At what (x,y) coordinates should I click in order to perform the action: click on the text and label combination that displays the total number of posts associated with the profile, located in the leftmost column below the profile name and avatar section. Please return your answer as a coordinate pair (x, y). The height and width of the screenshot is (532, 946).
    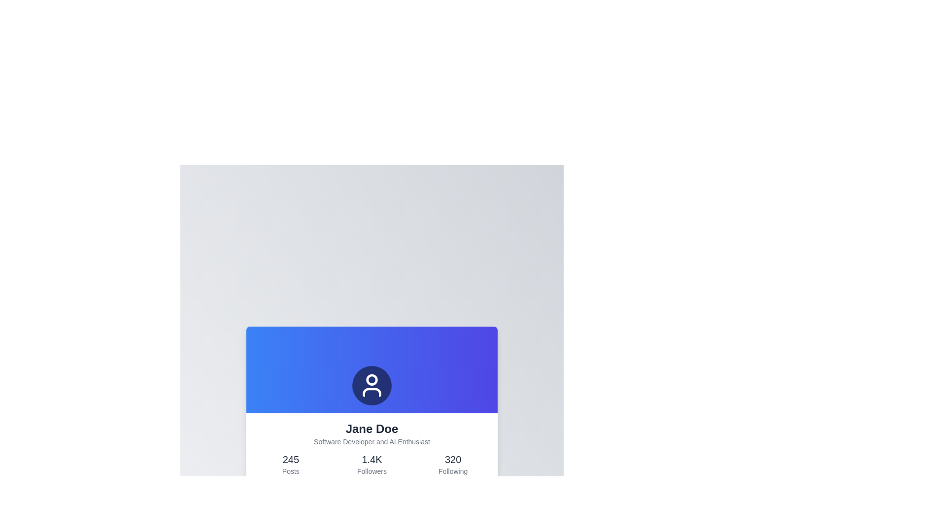
    Looking at the image, I should click on (290, 464).